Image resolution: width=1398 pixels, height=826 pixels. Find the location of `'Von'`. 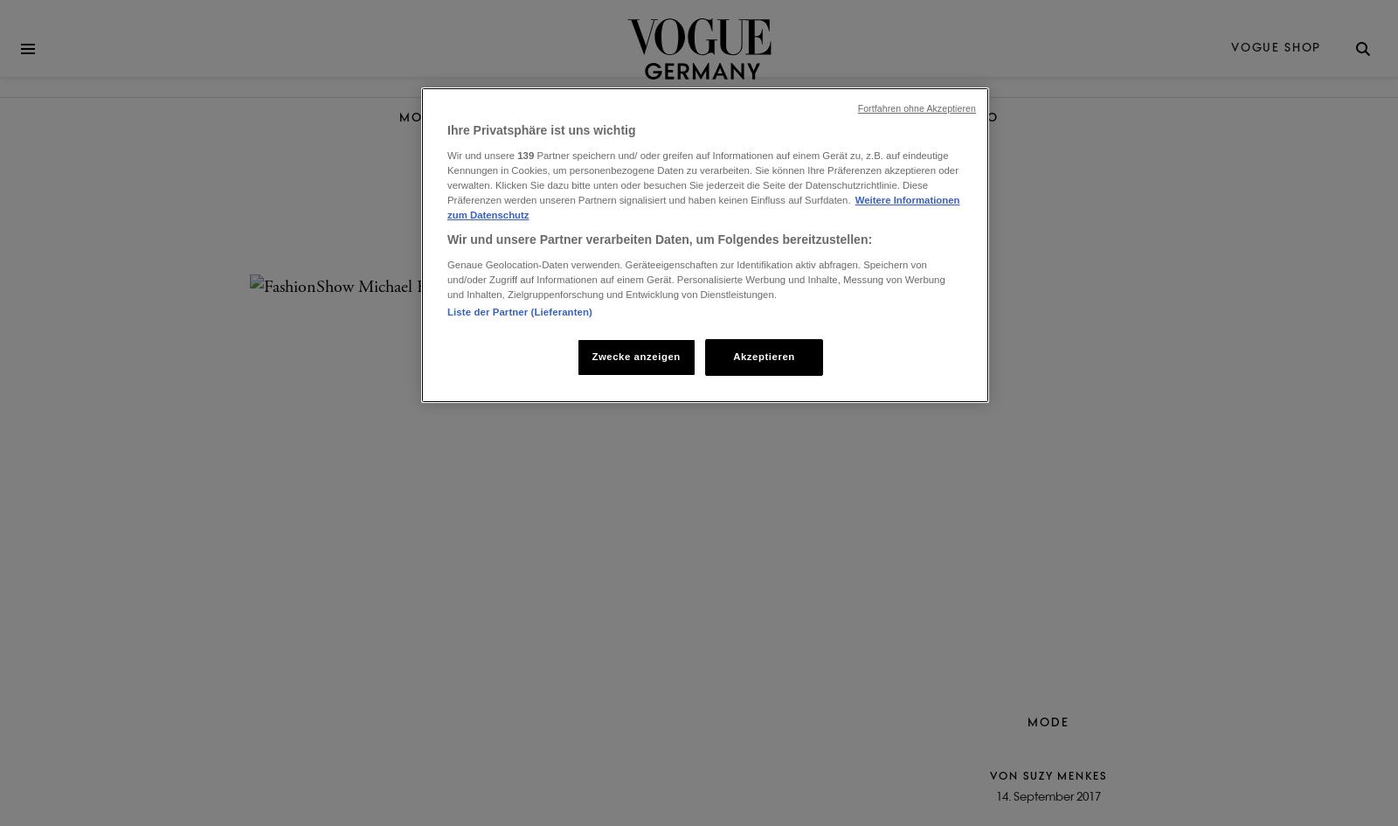

'Von' is located at coordinates (1006, 775).